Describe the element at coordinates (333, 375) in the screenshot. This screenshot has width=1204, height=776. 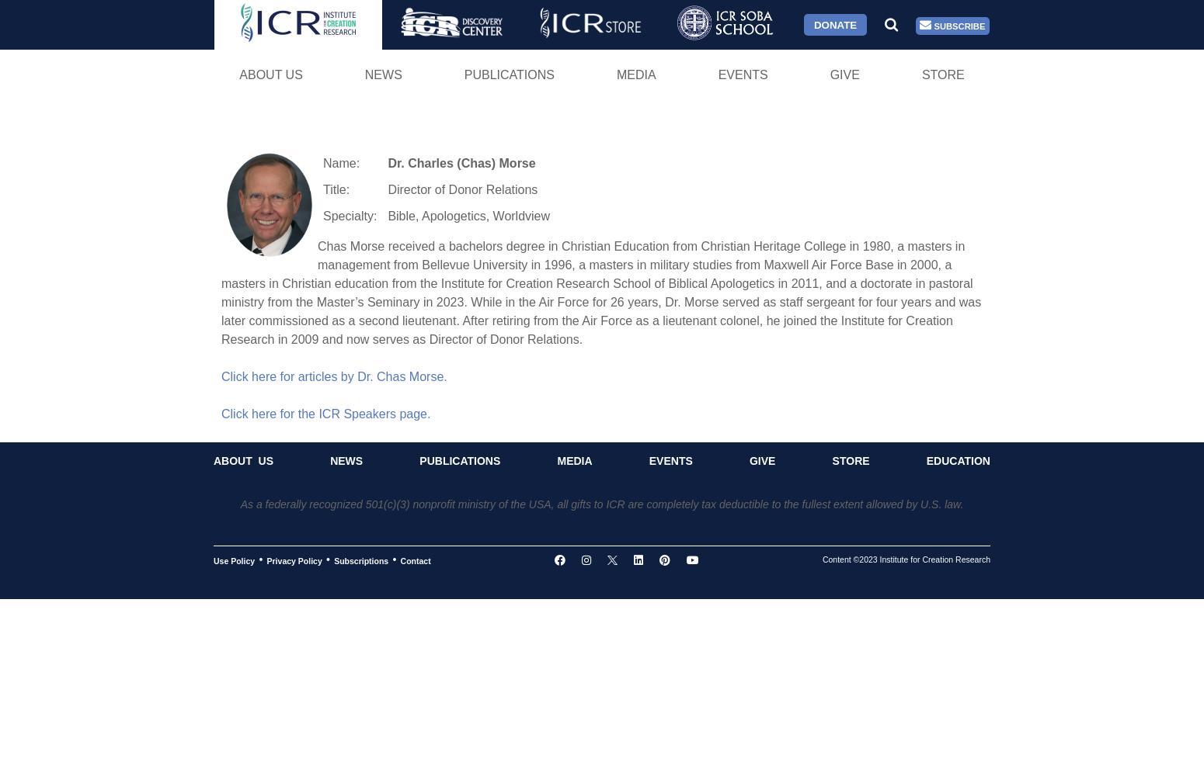
I see `'Click here for articles by Dr. Chas Morse.'` at that location.